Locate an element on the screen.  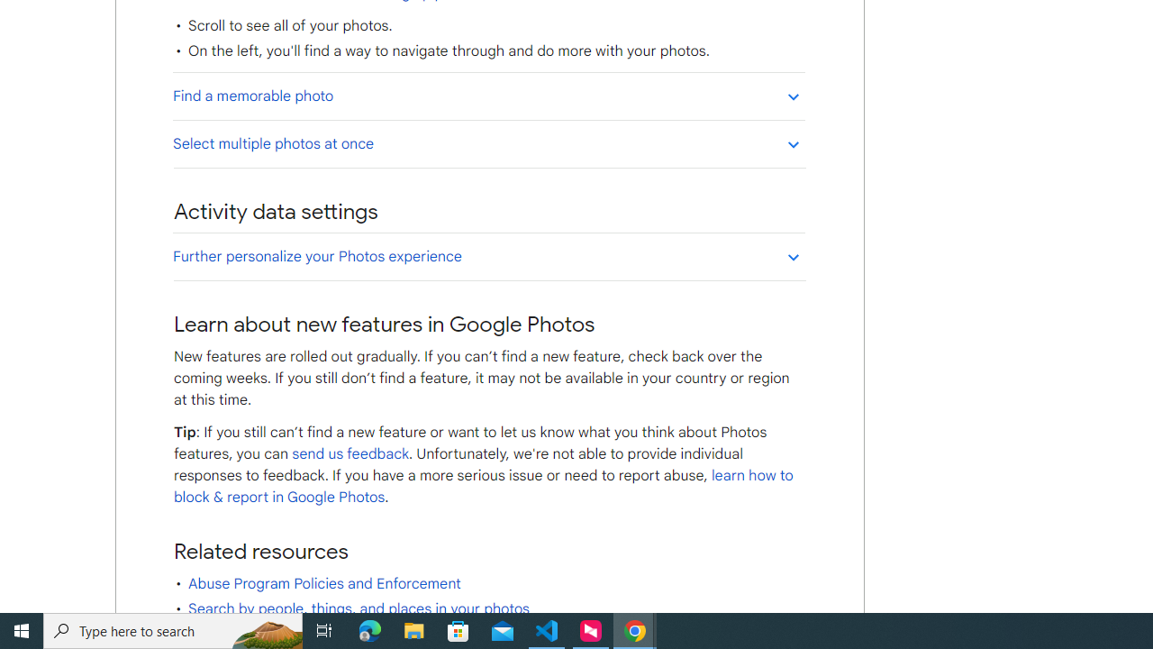
'Find a memorable photo' is located at coordinates (488, 96).